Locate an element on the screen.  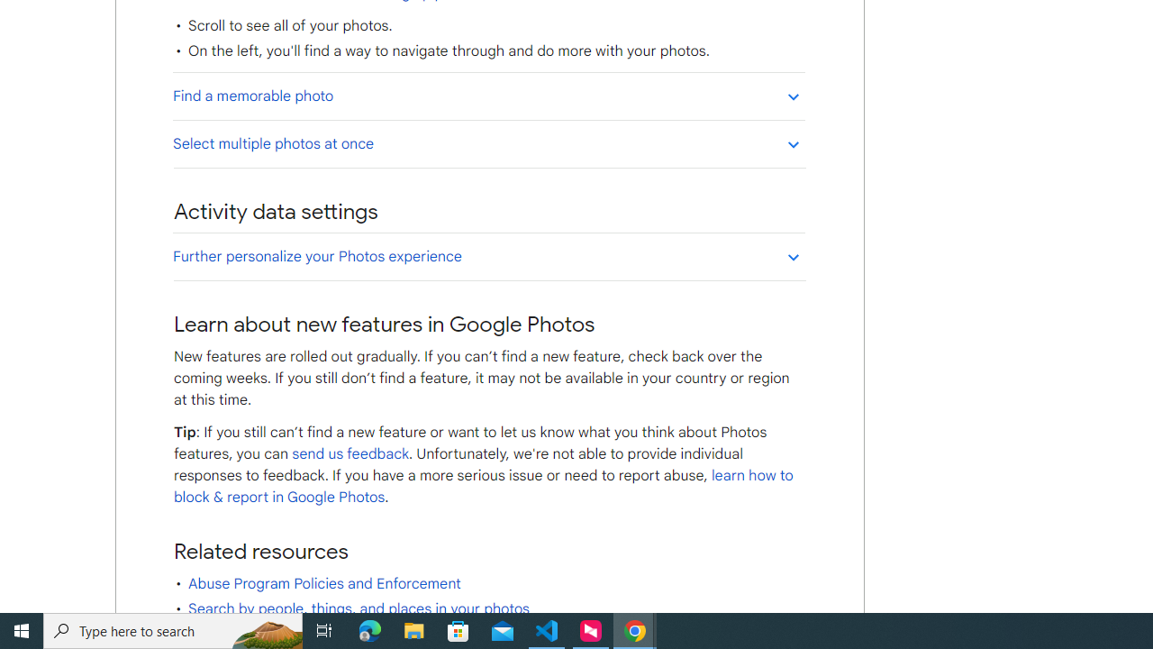
'Find a memorable photo' is located at coordinates (488, 96).